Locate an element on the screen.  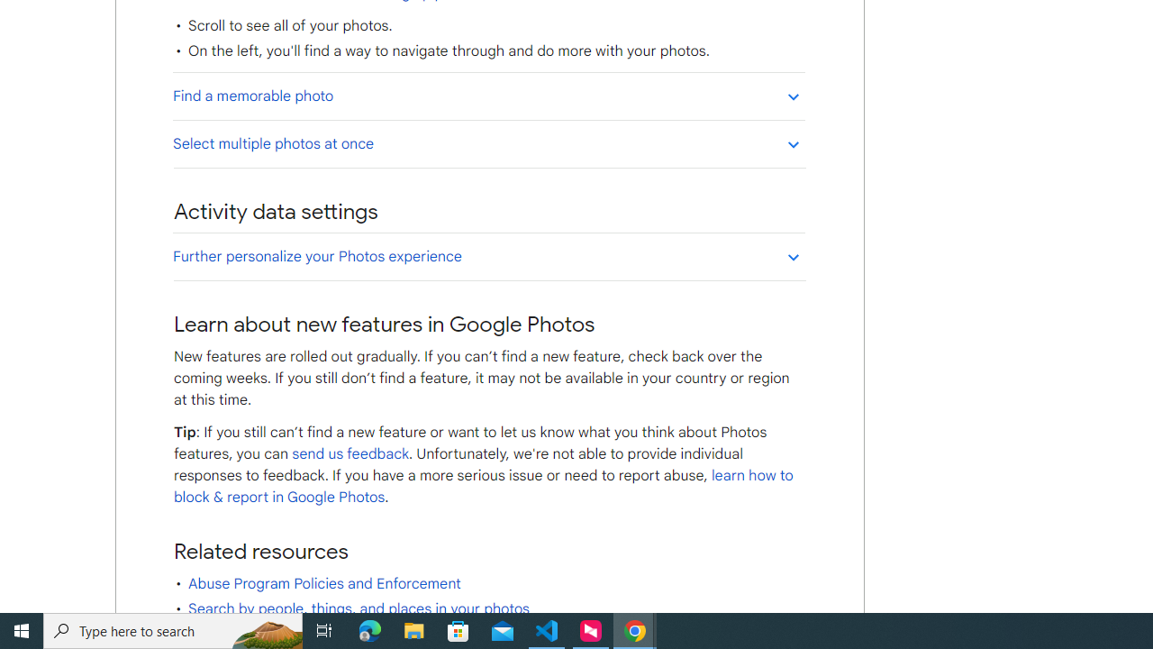
'Find a memorable photo' is located at coordinates (488, 96).